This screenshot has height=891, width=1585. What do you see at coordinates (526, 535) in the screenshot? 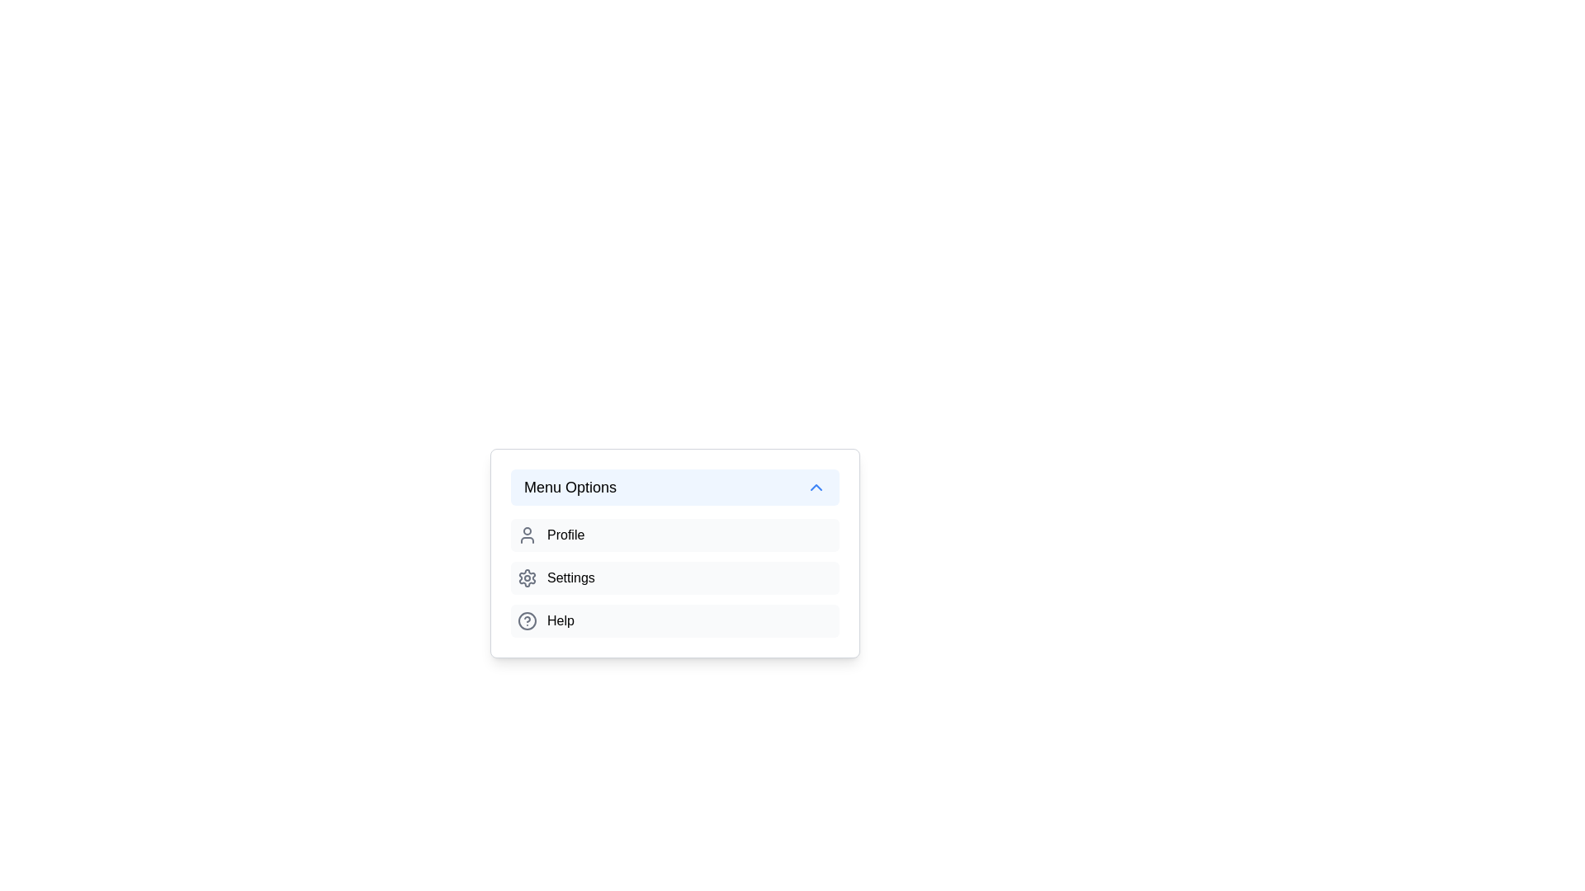
I see `the 'Profile' menu item which is located directly beside the user icon represented by a gray outline of a person in a circle` at bounding box center [526, 535].